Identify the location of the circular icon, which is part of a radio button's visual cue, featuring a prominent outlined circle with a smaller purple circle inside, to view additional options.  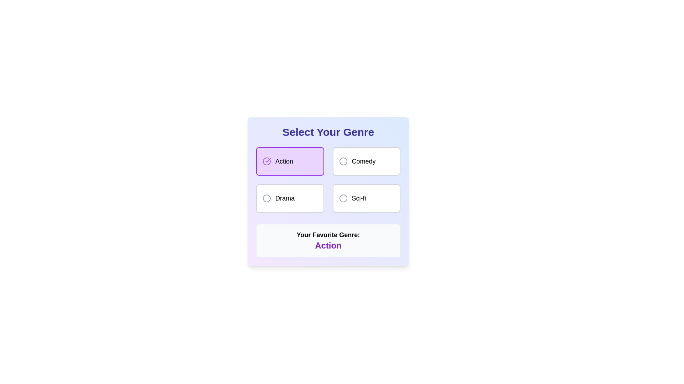
(266, 161).